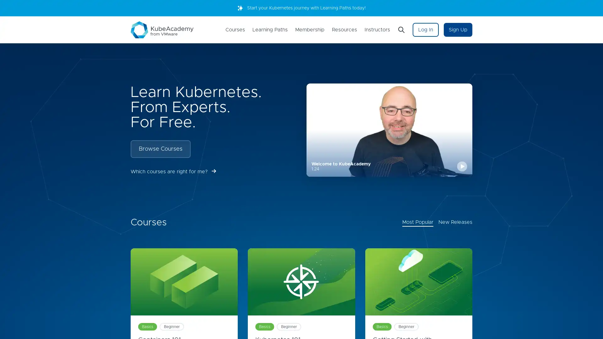 This screenshot has height=339, width=603. Describe the element at coordinates (389, 130) in the screenshot. I see `Welcome to KubeAcademy 1:24` at that location.